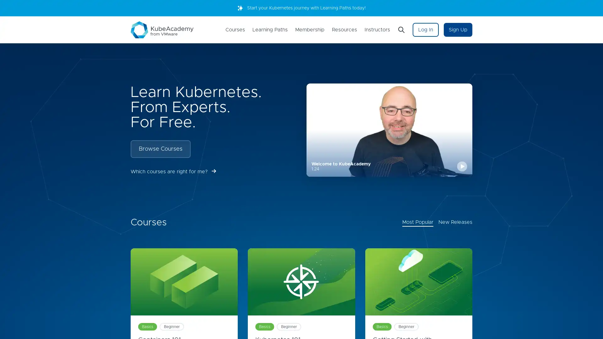 This screenshot has height=339, width=603. Describe the element at coordinates (389, 130) in the screenshot. I see `Welcome to KubeAcademy 1:24` at that location.